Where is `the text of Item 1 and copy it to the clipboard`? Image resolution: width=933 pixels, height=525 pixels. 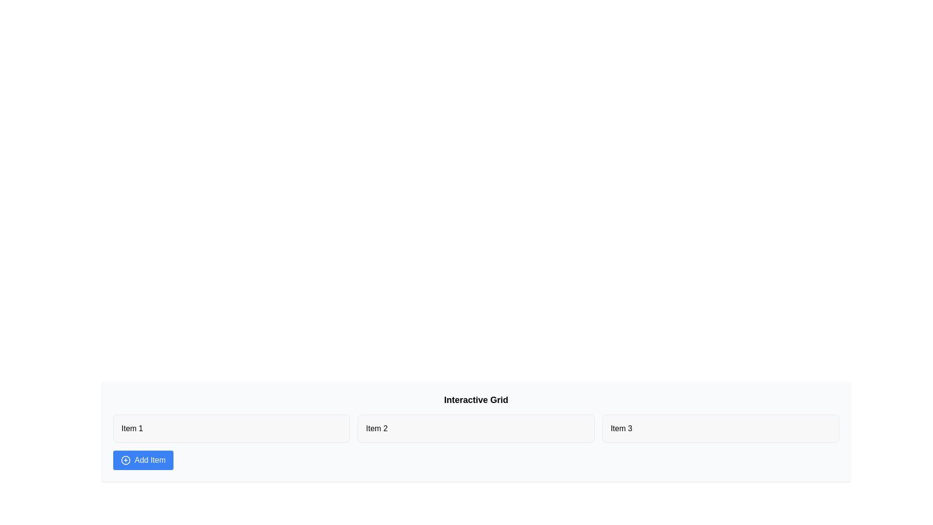
the text of Item 1 and copy it to the clipboard is located at coordinates (231, 428).